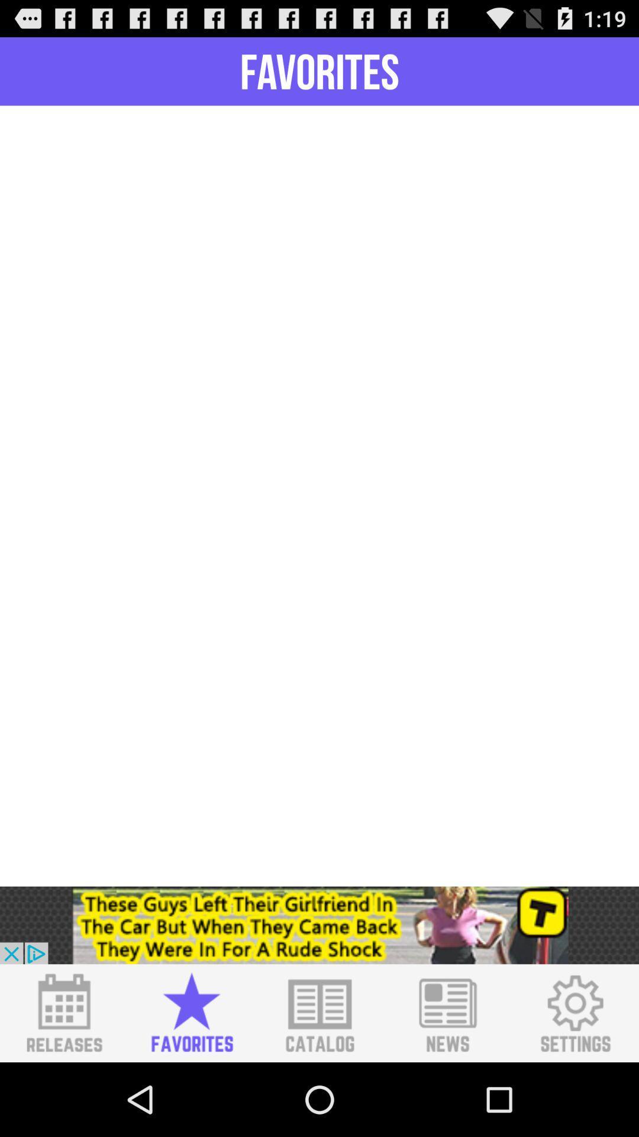 The height and width of the screenshot is (1137, 639). I want to click on the star icon, so click(191, 1084).